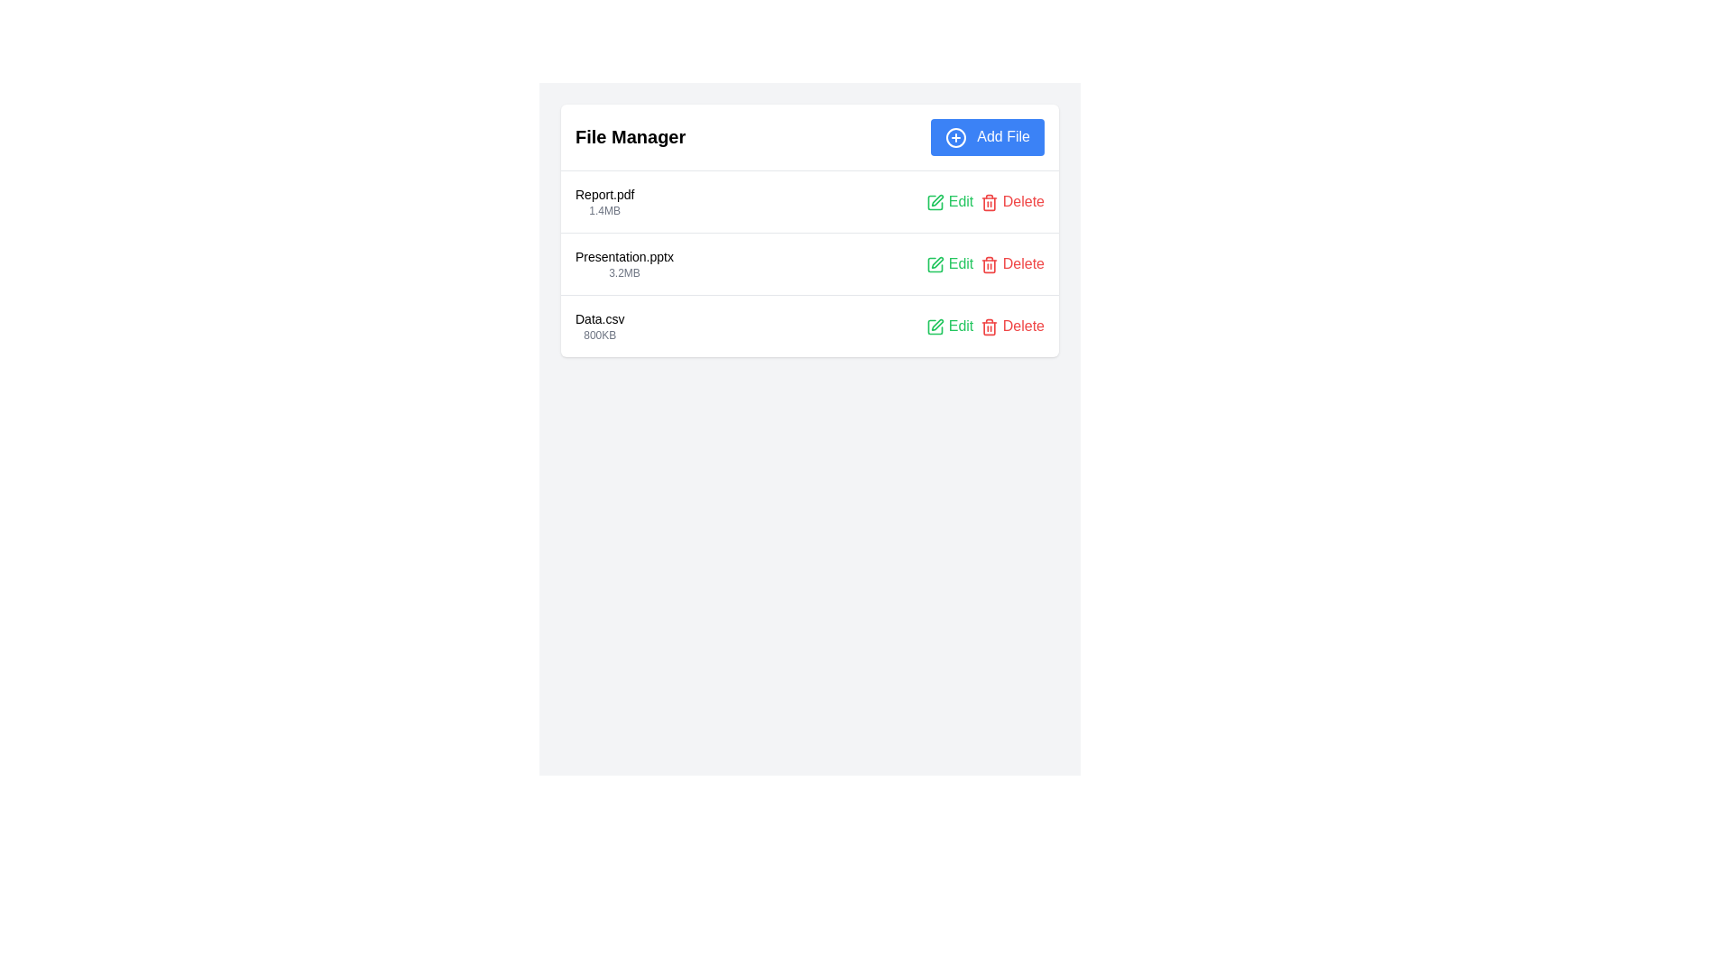 This screenshot has height=974, width=1732. What do you see at coordinates (949, 326) in the screenshot?
I see `the 'Edit' button associated with the file 'Data.csv' to observe the hover effect` at bounding box center [949, 326].